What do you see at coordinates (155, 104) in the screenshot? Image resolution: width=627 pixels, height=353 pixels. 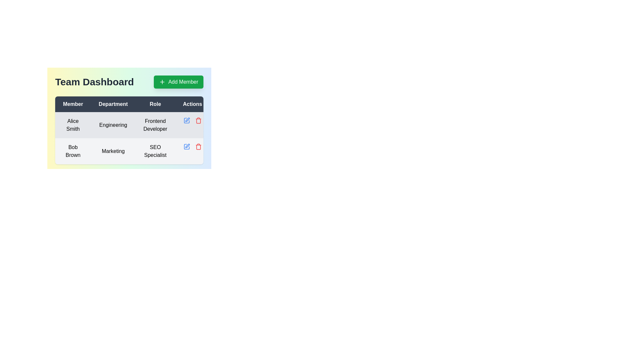 I see `the non-interactive table header cell labeled 'Role', which is the third column header in the table with a dark background and white text` at bounding box center [155, 104].